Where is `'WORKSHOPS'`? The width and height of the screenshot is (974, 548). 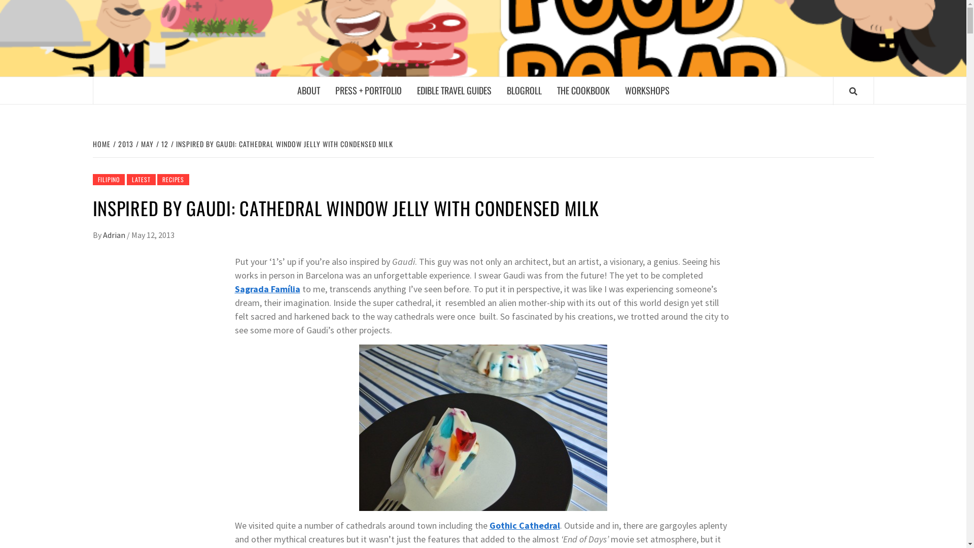
'WORKSHOPS' is located at coordinates (646, 90).